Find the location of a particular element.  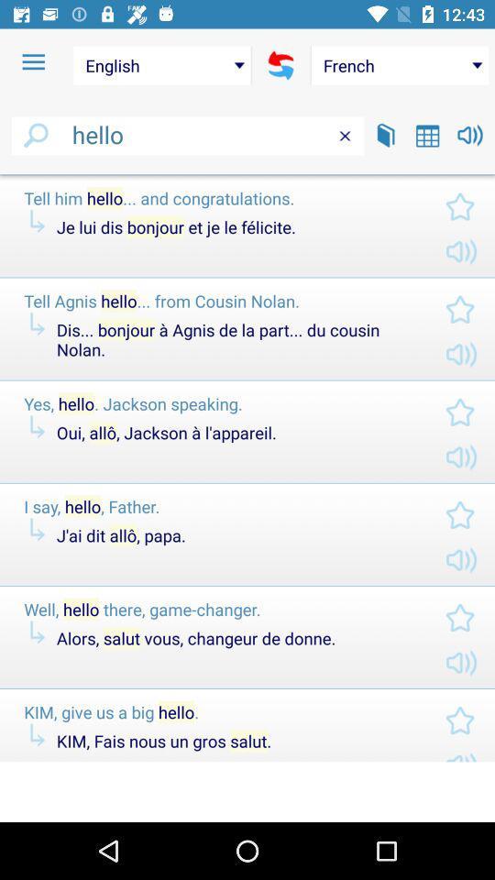

the book icon is located at coordinates (385, 134).